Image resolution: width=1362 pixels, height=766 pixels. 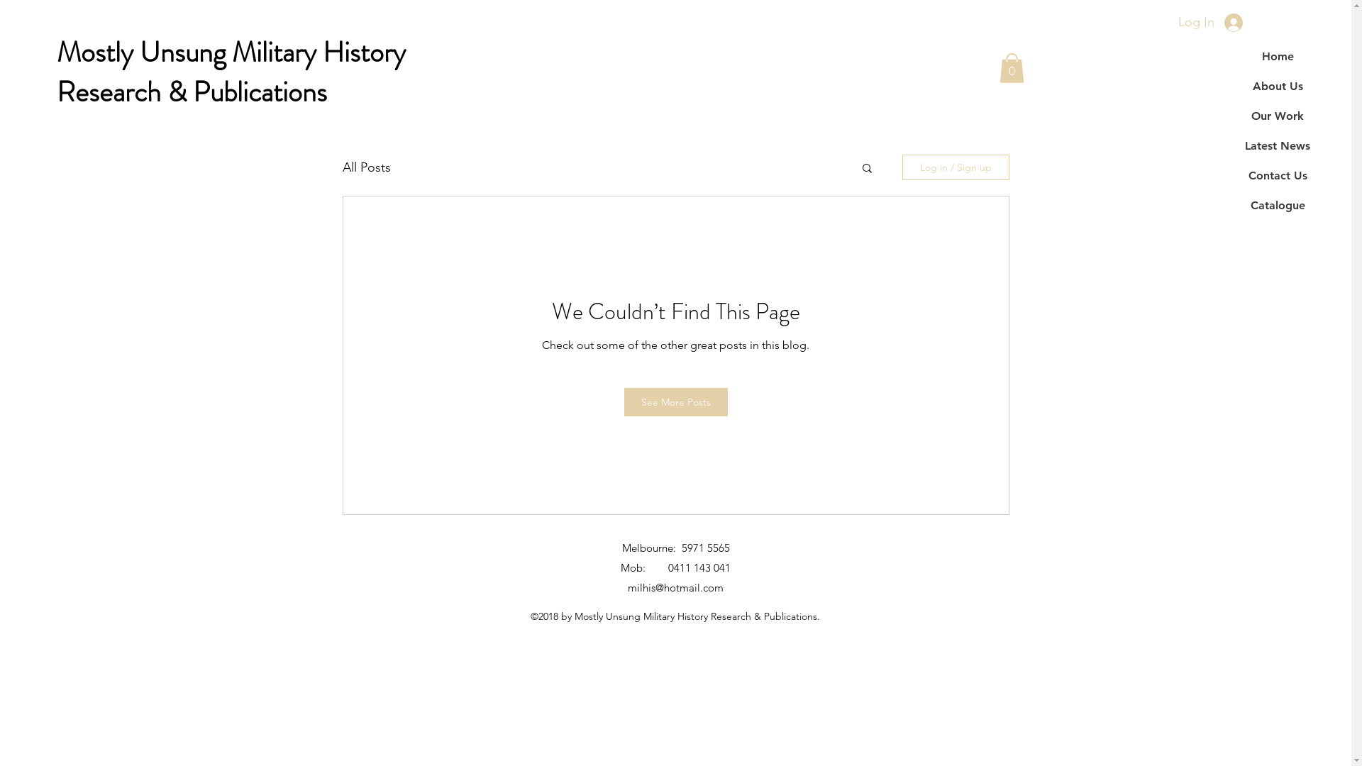 I want to click on 'Latest News', so click(x=1277, y=145).